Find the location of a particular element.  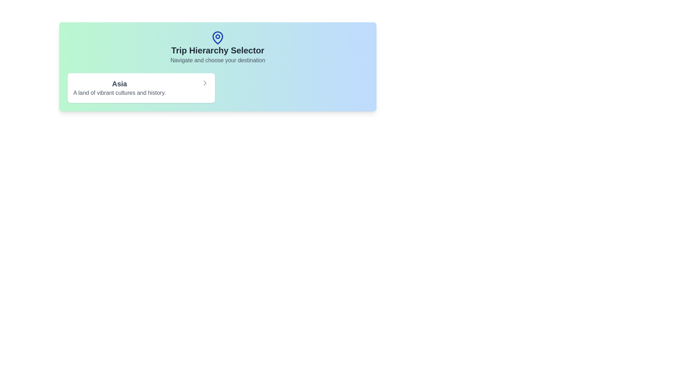

the compound clickable element containing a title and subtitle related to 'Asia' is located at coordinates (119, 88).